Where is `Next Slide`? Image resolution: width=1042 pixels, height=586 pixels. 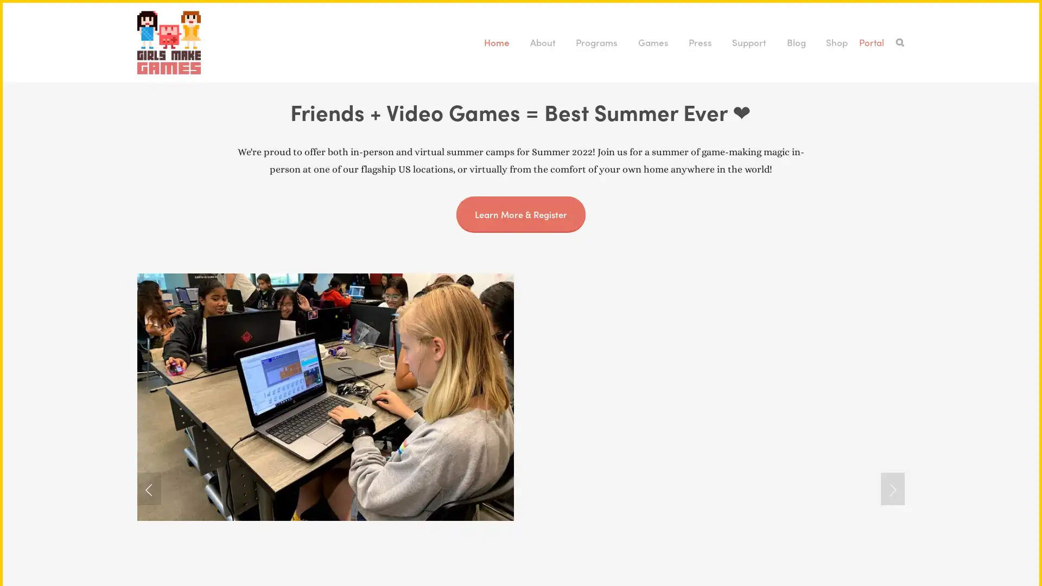 Next Slide is located at coordinates (893, 489).